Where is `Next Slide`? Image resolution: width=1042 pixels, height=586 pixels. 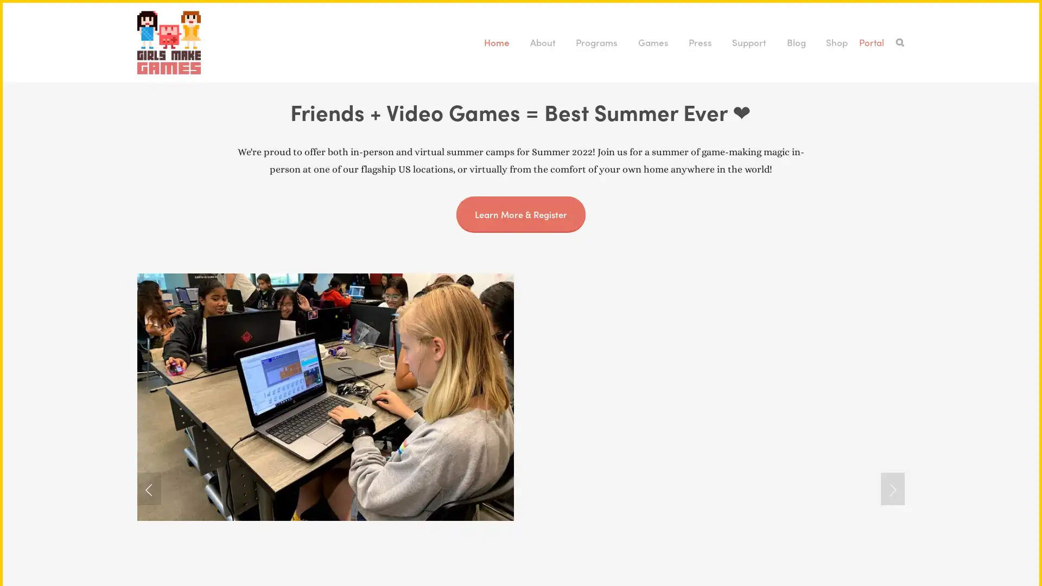 Next Slide is located at coordinates (893, 489).